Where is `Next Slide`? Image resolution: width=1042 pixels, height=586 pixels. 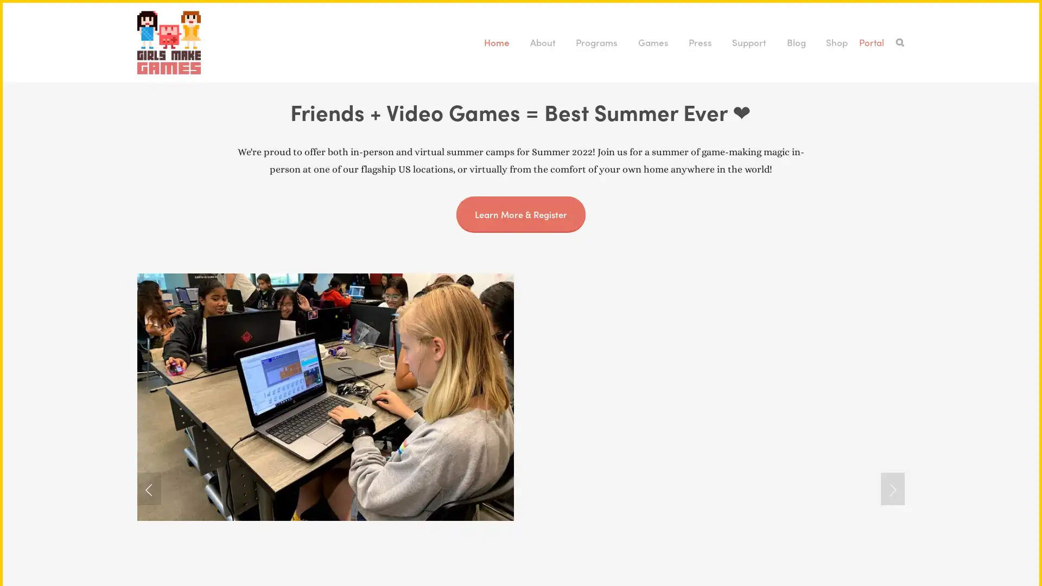 Next Slide is located at coordinates (893, 489).